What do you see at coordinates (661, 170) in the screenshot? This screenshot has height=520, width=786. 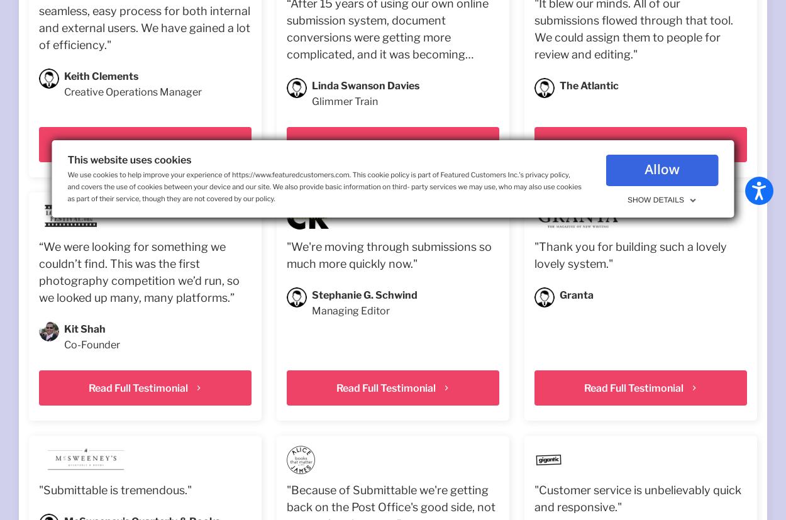 I see `'Allow'` at bounding box center [661, 170].